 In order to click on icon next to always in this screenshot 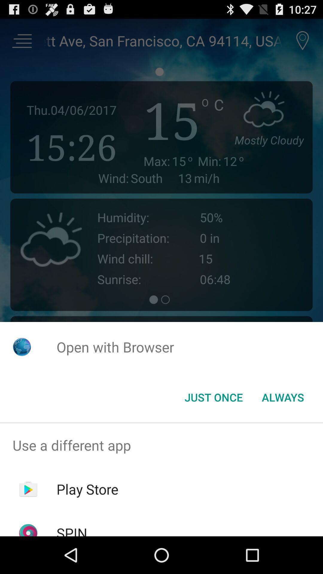, I will do `click(213, 397)`.